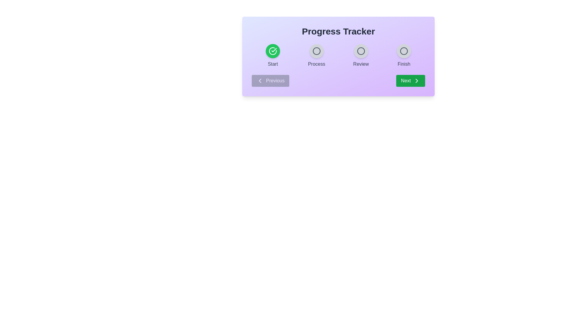 The width and height of the screenshot is (572, 321). I want to click on the third circular graphic component in the progress tracker interface, which is aligned with the text 'Finish' below it, so click(404, 51).